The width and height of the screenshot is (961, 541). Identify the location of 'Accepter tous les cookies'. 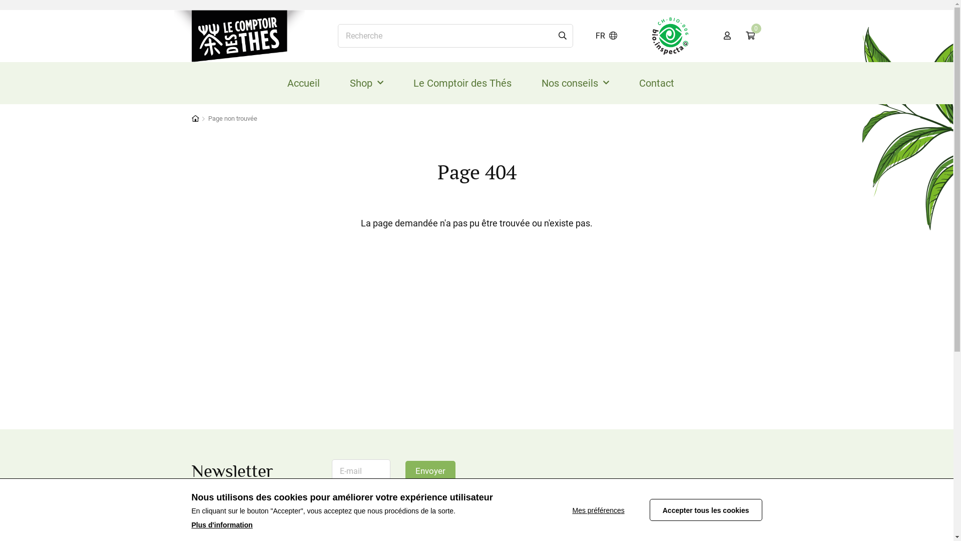
(705, 510).